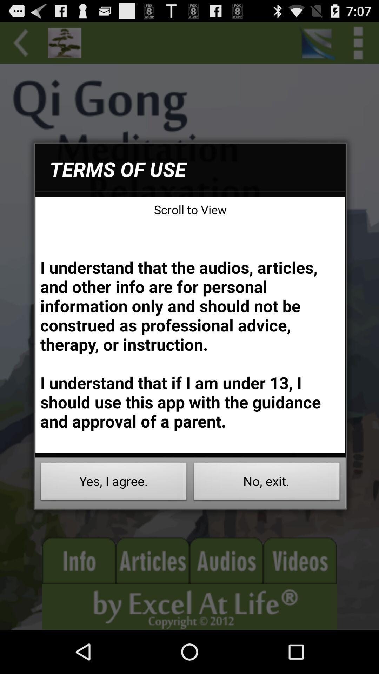 This screenshot has width=379, height=674. What do you see at coordinates (267, 483) in the screenshot?
I see `no, exit. icon` at bounding box center [267, 483].